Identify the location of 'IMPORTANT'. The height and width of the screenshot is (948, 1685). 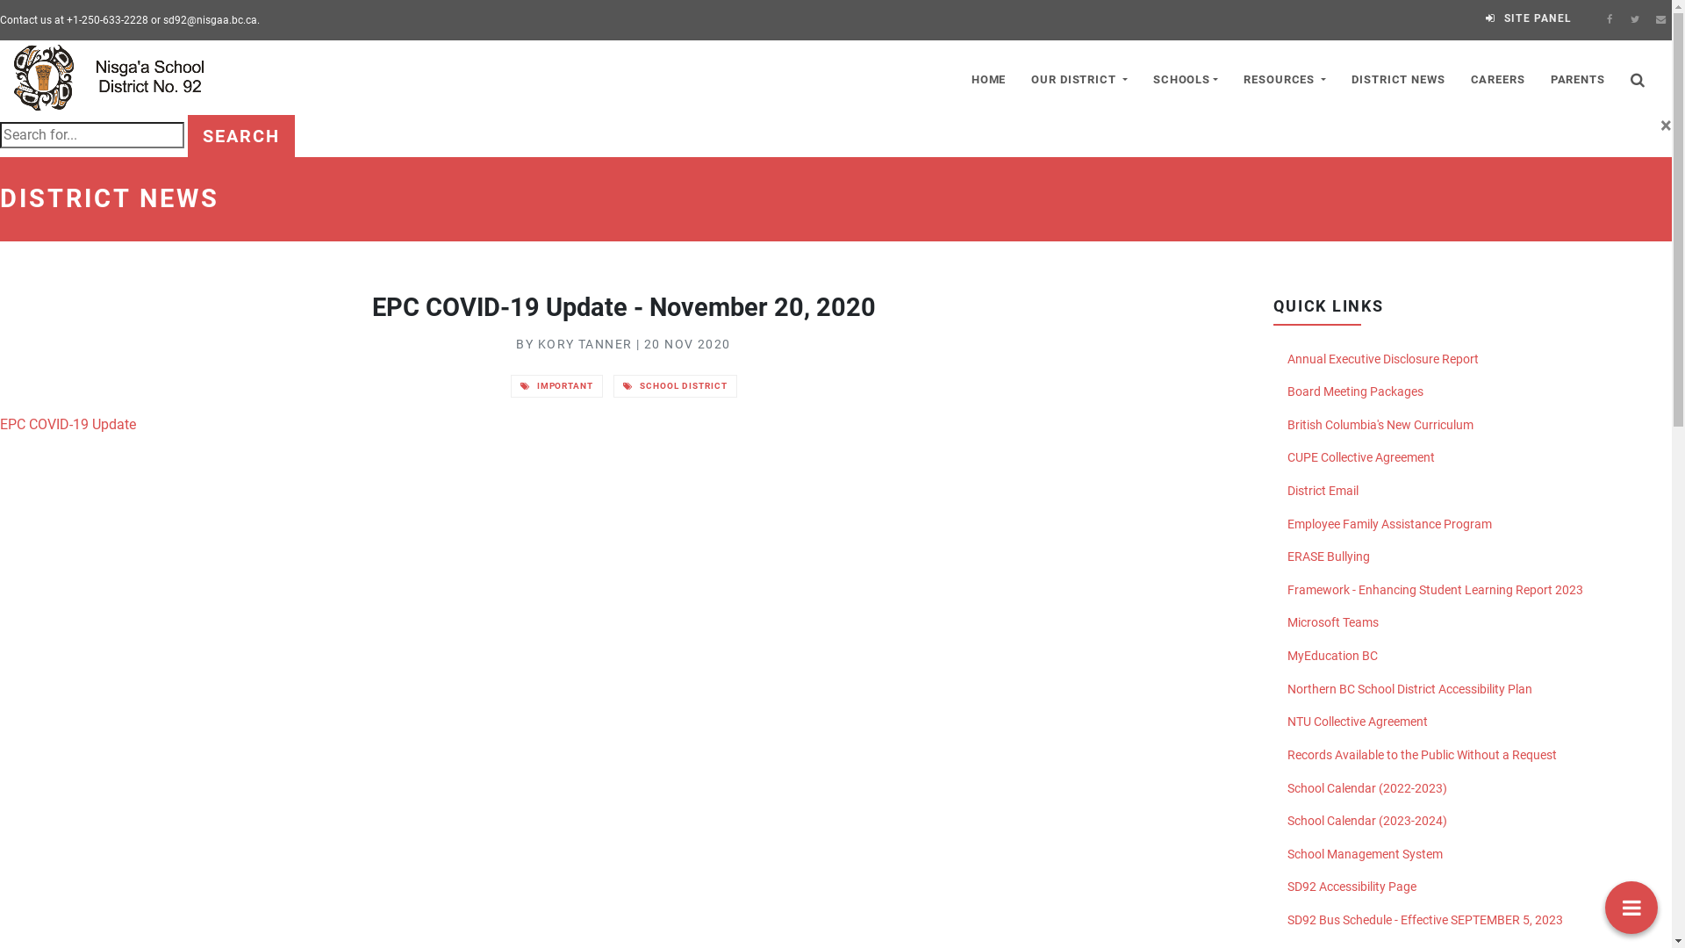
(556, 384).